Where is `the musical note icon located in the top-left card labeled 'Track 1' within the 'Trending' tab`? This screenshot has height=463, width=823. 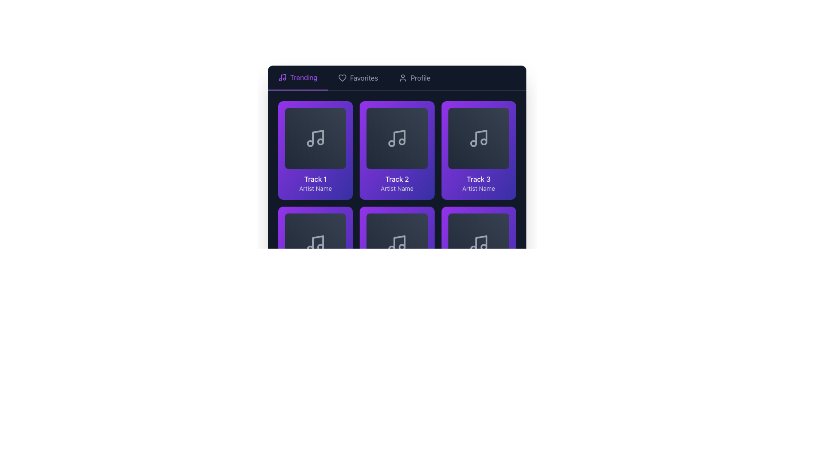
the musical note icon located in the top-left card labeled 'Track 1' within the 'Trending' tab is located at coordinates (318, 137).